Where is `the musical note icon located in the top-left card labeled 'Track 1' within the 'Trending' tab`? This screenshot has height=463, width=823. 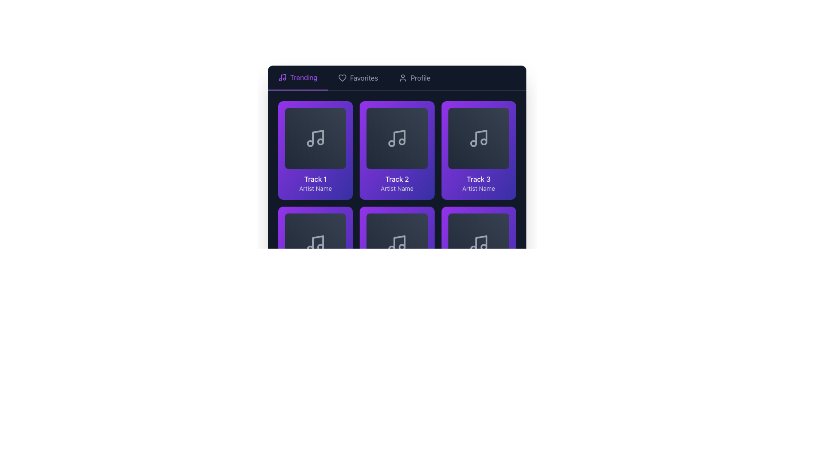
the musical note icon located in the top-left card labeled 'Track 1' within the 'Trending' tab is located at coordinates (318, 137).